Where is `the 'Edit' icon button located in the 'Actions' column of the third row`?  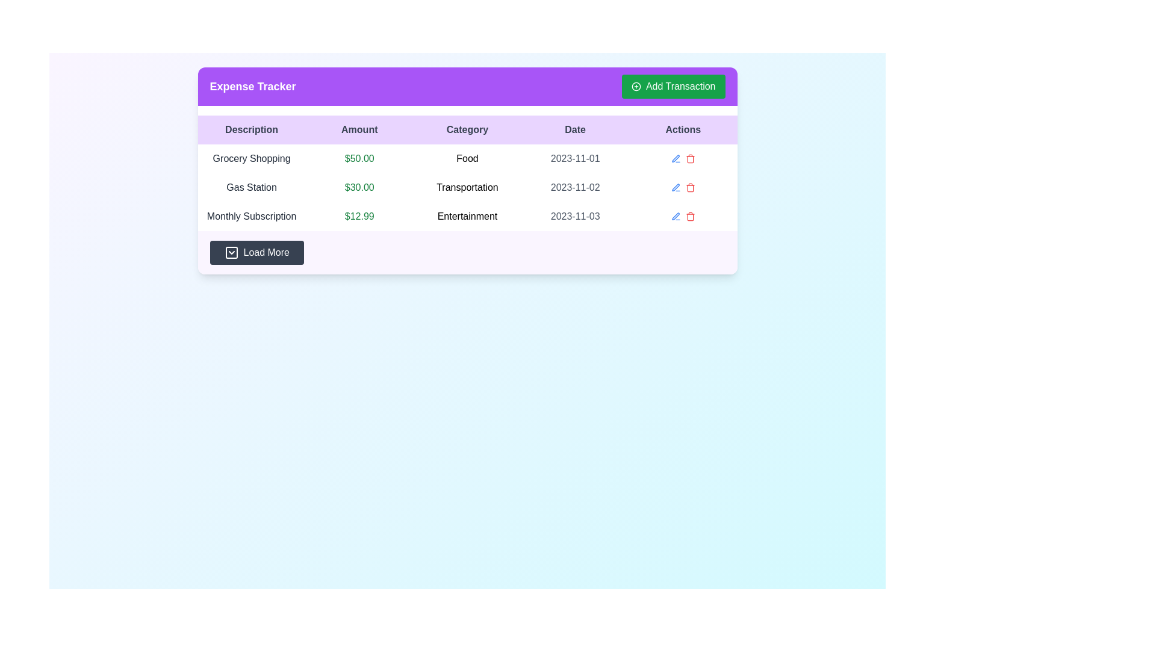 the 'Edit' icon button located in the 'Actions' column of the third row is located at coordinates (676, 158).